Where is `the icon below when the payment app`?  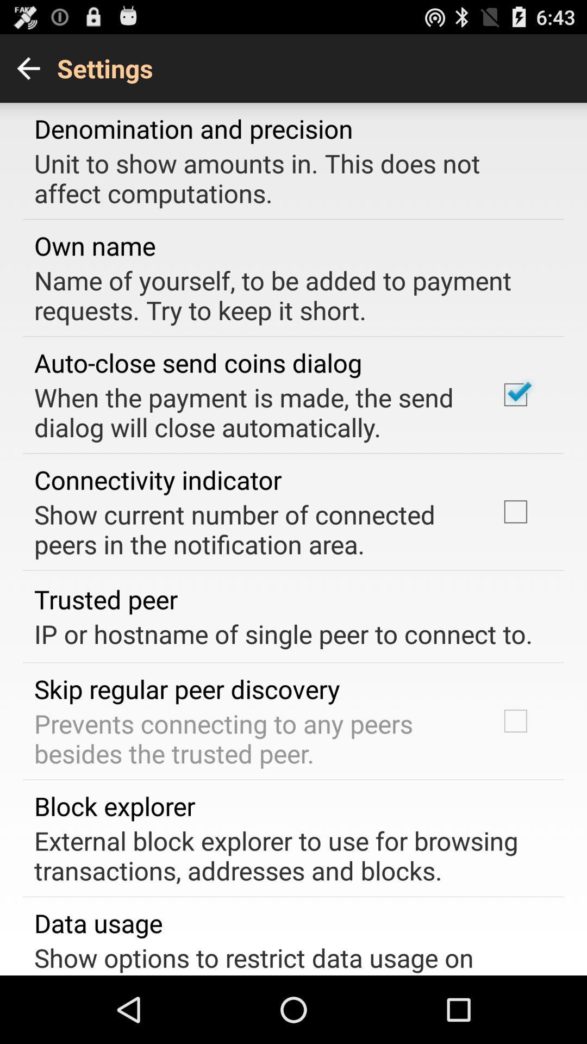
the icon below when the payment app is located at coordinates (158, 479).